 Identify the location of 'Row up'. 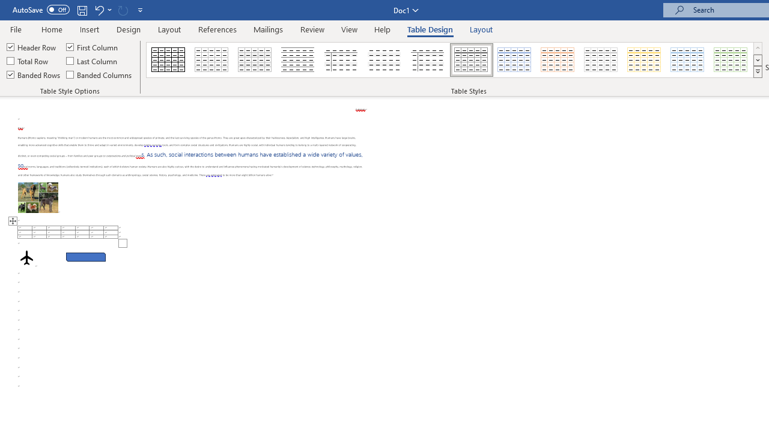
(757, 47).